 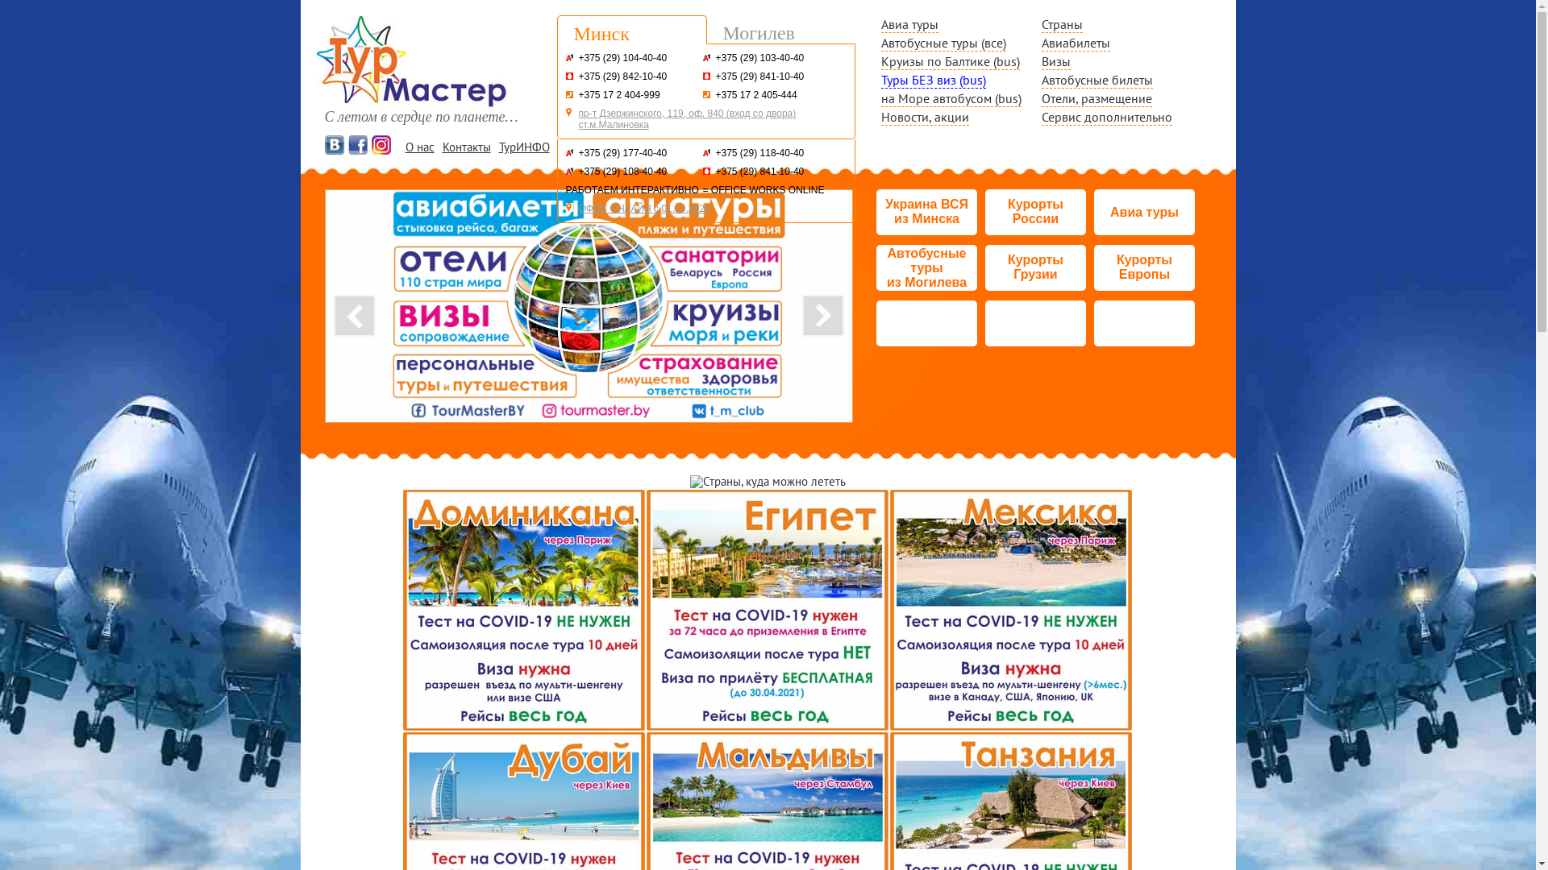 I want to click on 'A1', so click(x=569, y=56).